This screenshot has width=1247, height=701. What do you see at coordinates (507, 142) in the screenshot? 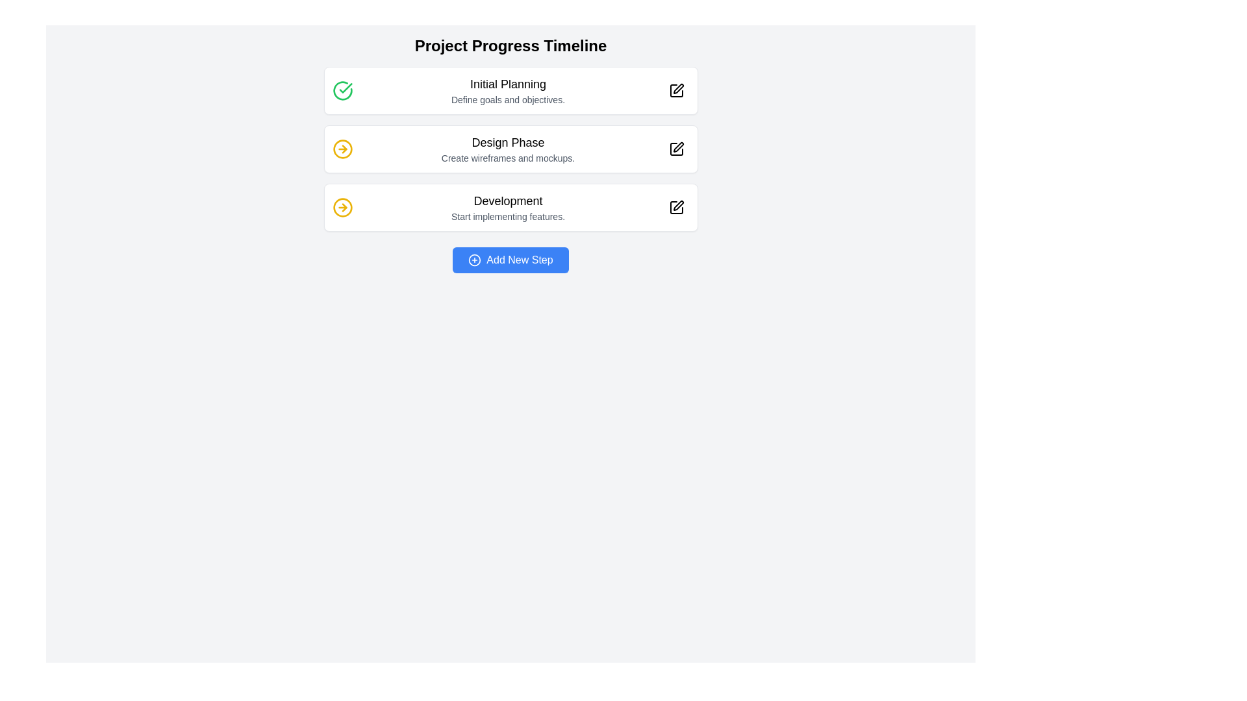
I see `the 'Design Phase' text label that displays in bold, large font and is positioned in the middle section of the vertically stacked steps` at bounding box center [507, 142].